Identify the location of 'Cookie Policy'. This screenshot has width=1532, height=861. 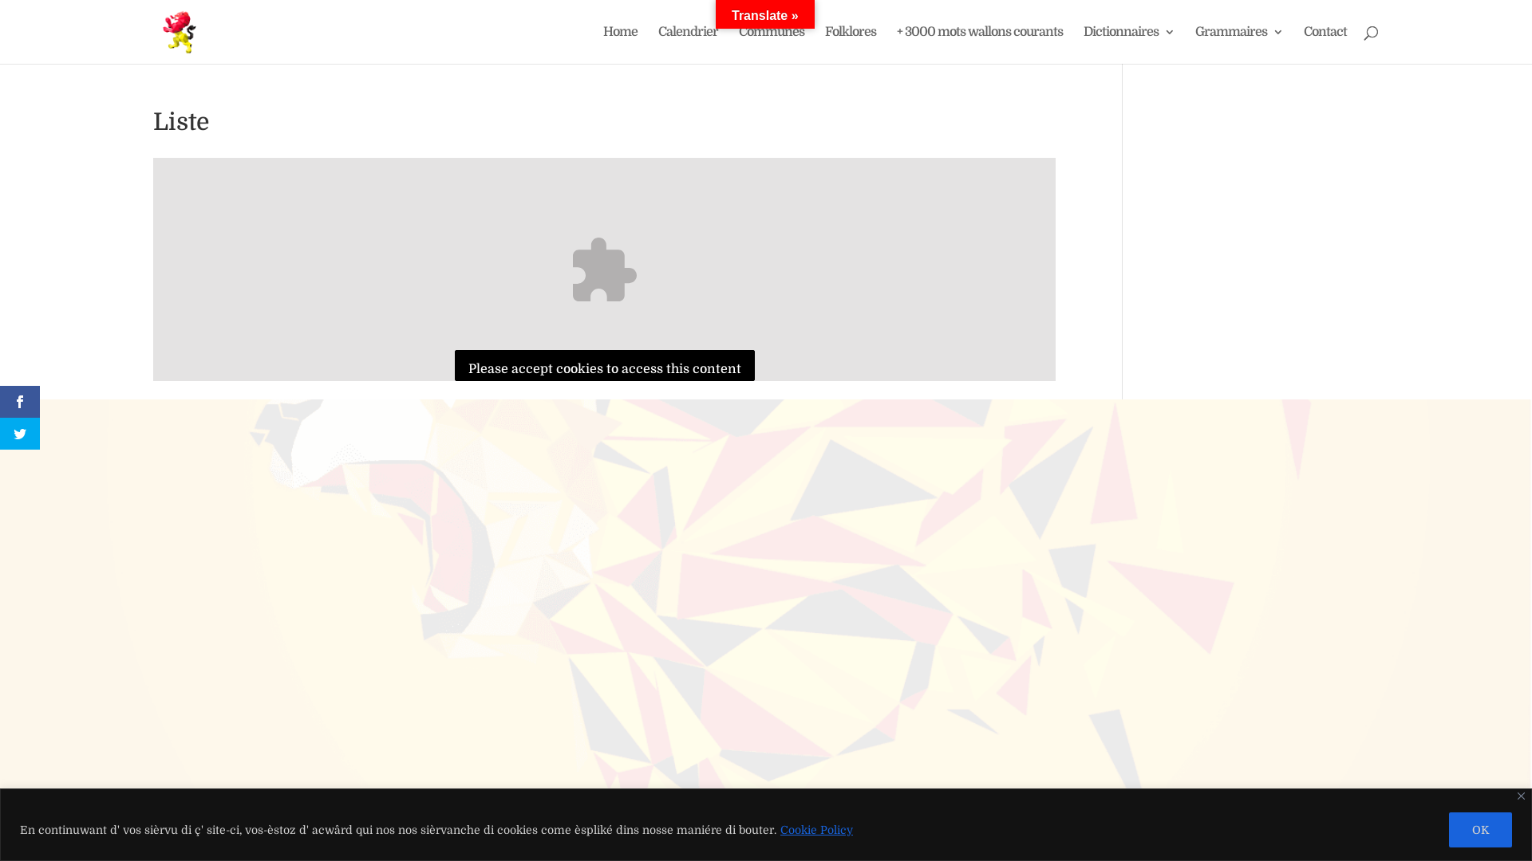
(816, 829).